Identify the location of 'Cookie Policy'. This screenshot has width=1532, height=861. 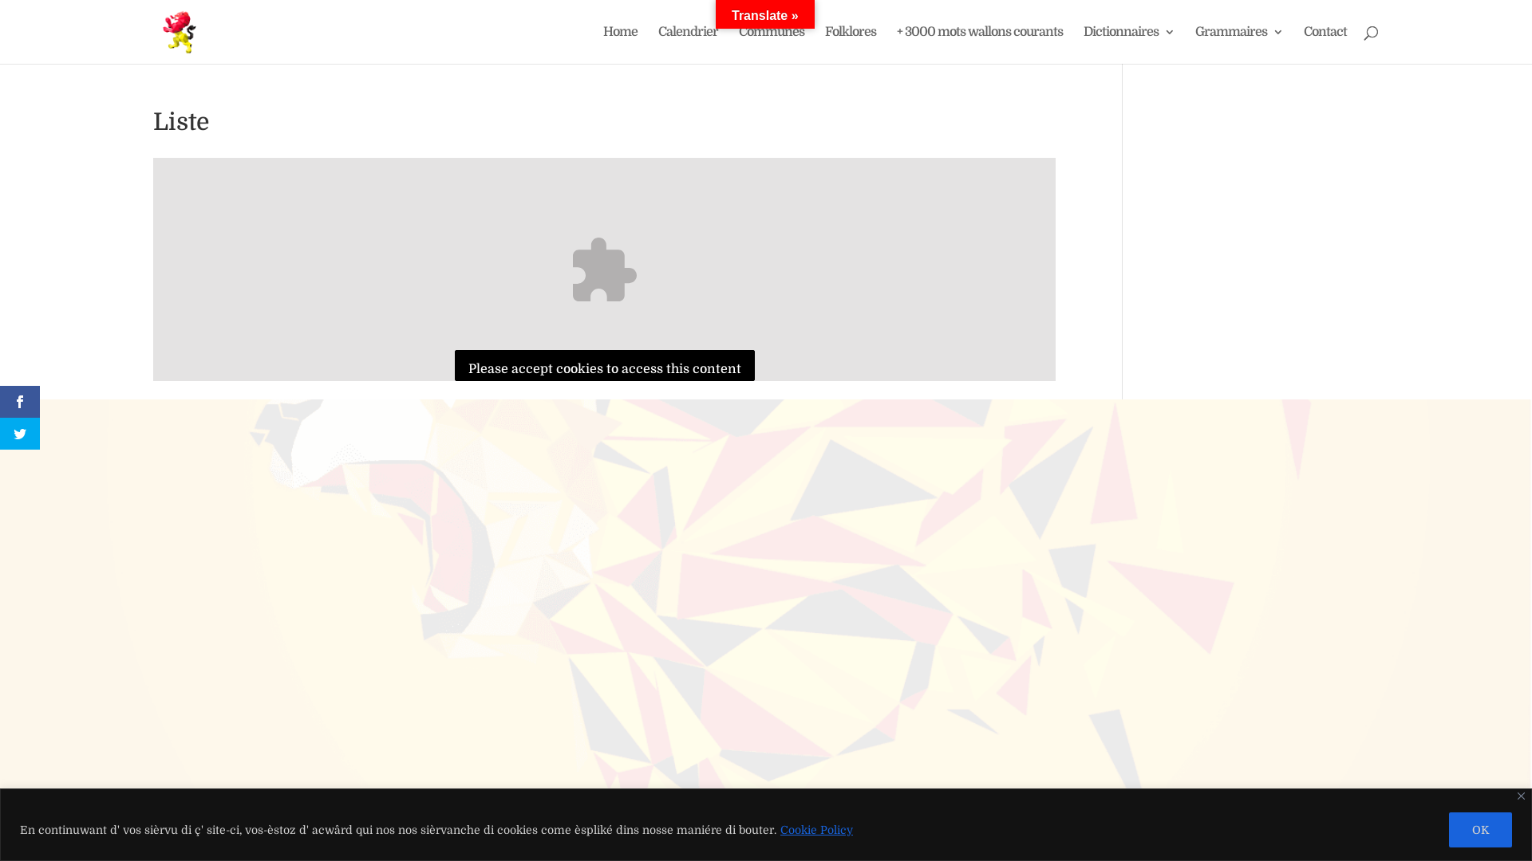
(816, 829).